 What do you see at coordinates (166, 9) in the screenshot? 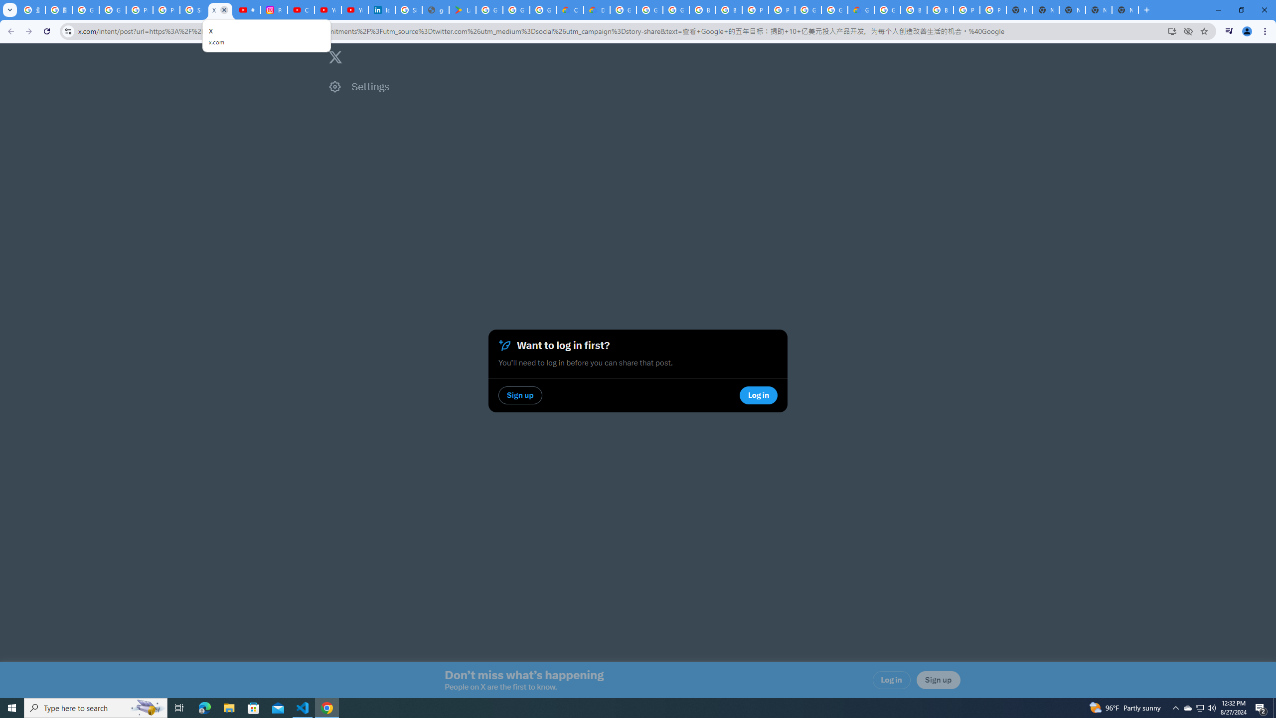
I see `'Privacy Help Center - Policies Help'` at bounding box center [166, 9].